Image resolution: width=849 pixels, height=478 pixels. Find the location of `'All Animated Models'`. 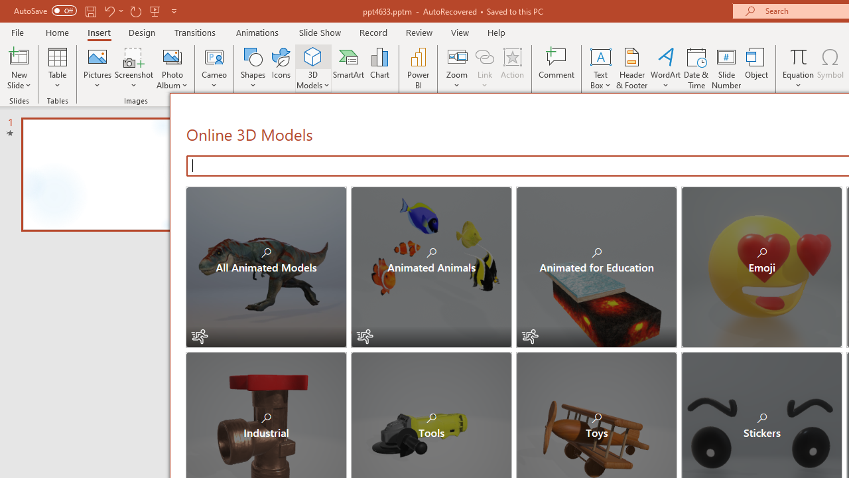

'All Animated Models' is located at coordinates (265, 267).